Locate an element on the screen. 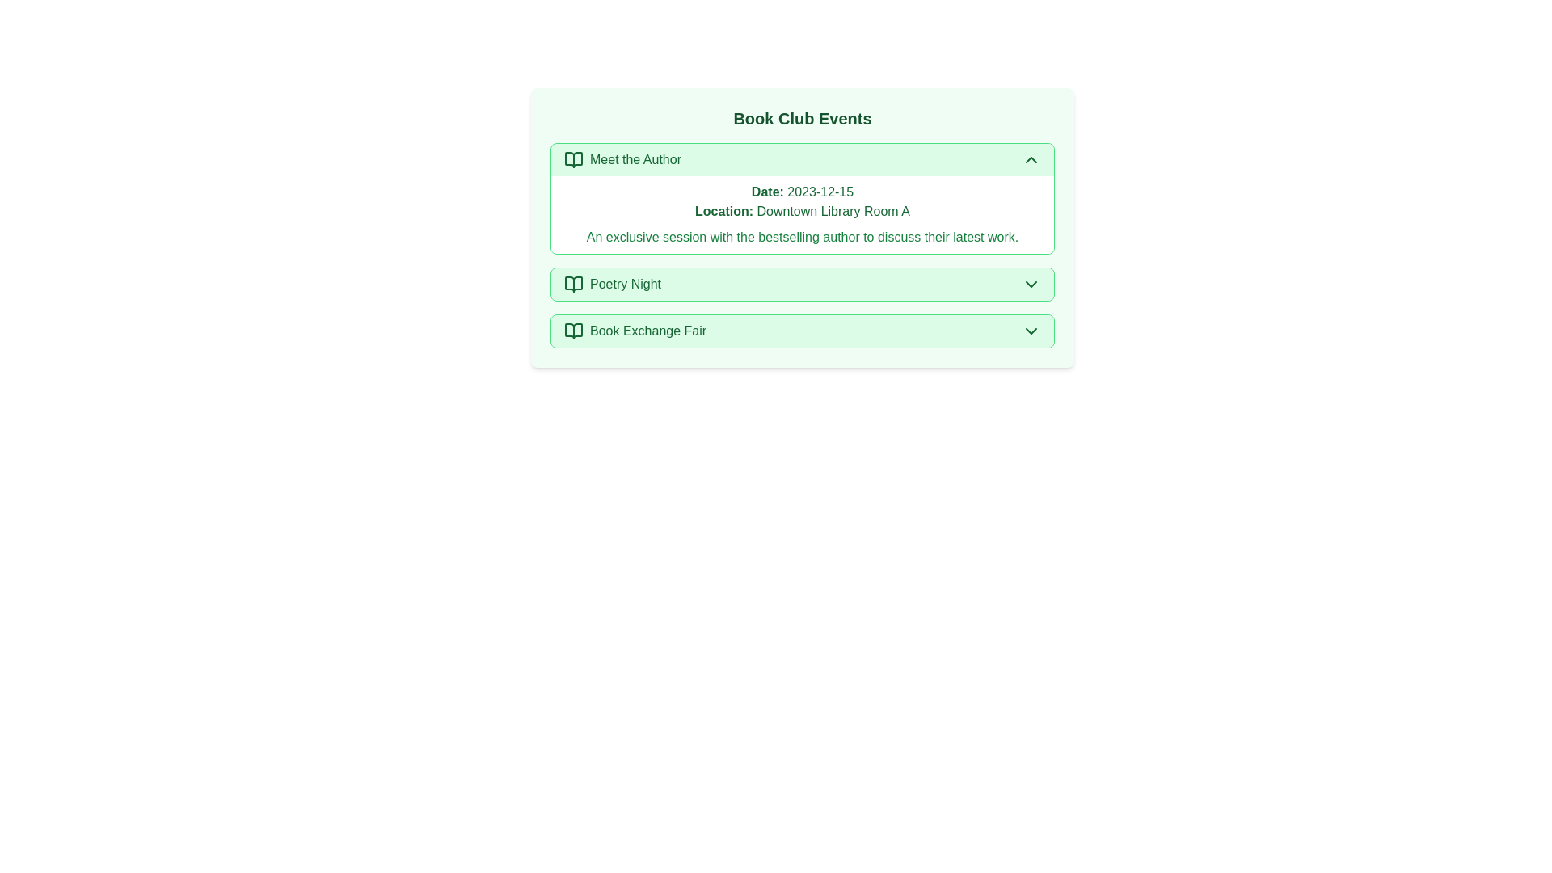  the small book icon with green outlines located next to the text 'Poetry Night' in the 'Book Club Events' section is located at coordinates (574, 283).